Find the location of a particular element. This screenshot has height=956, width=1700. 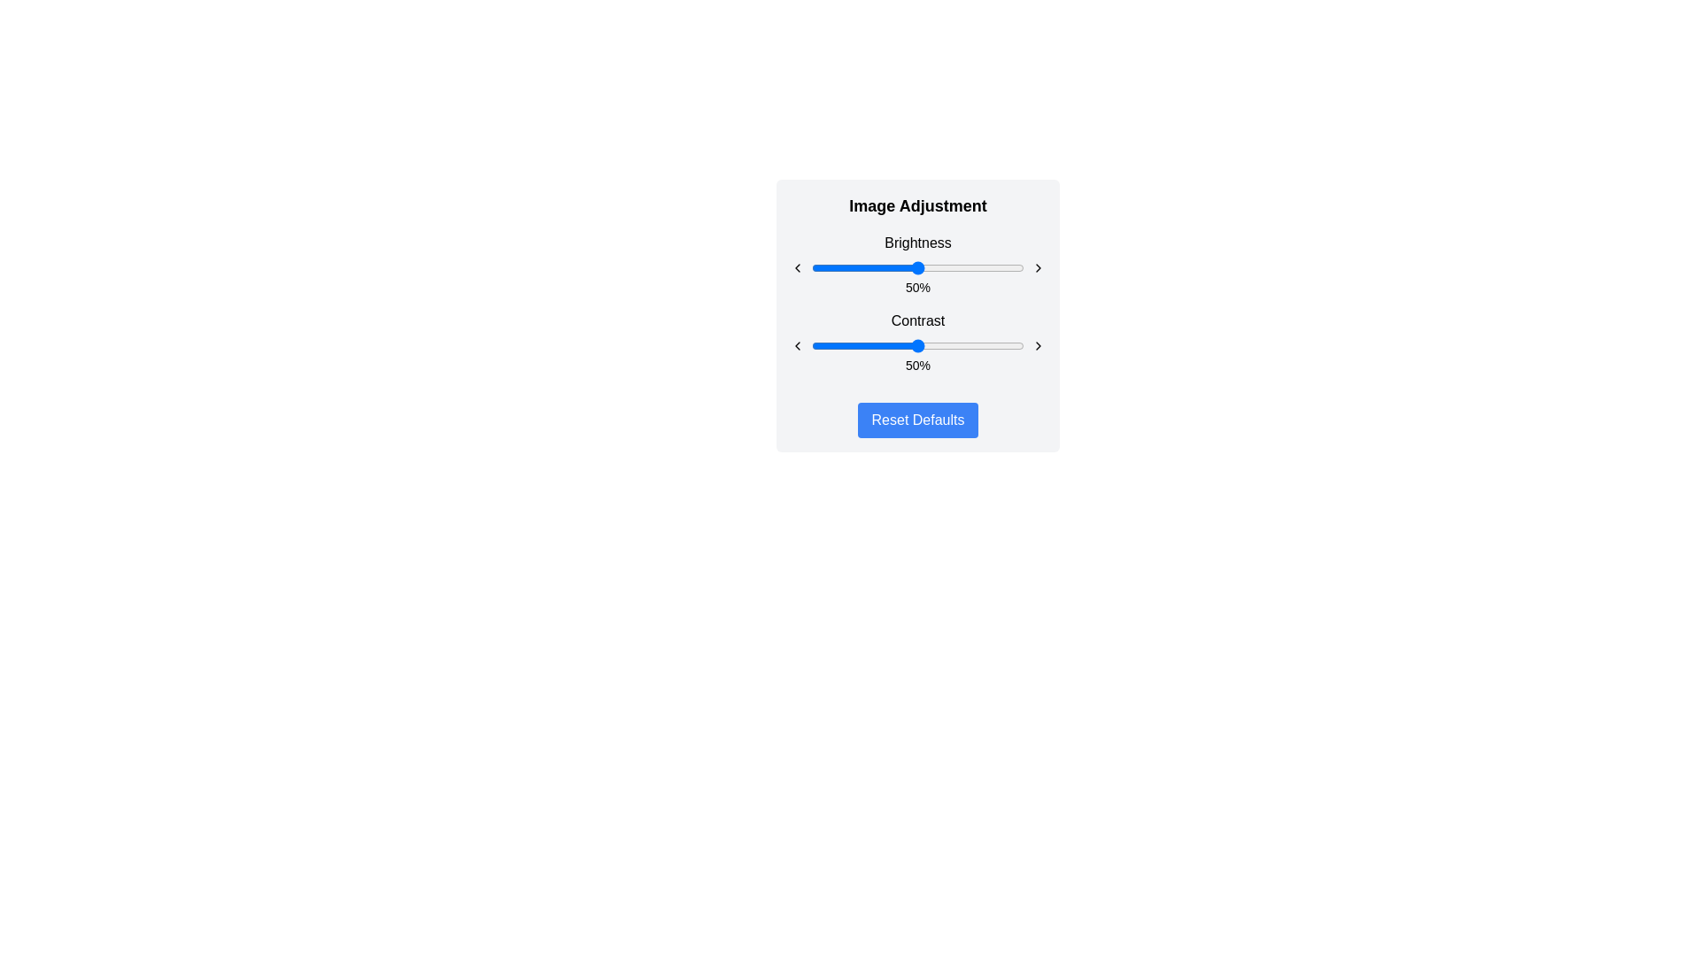

brightness is located at coordinates (886, 268).